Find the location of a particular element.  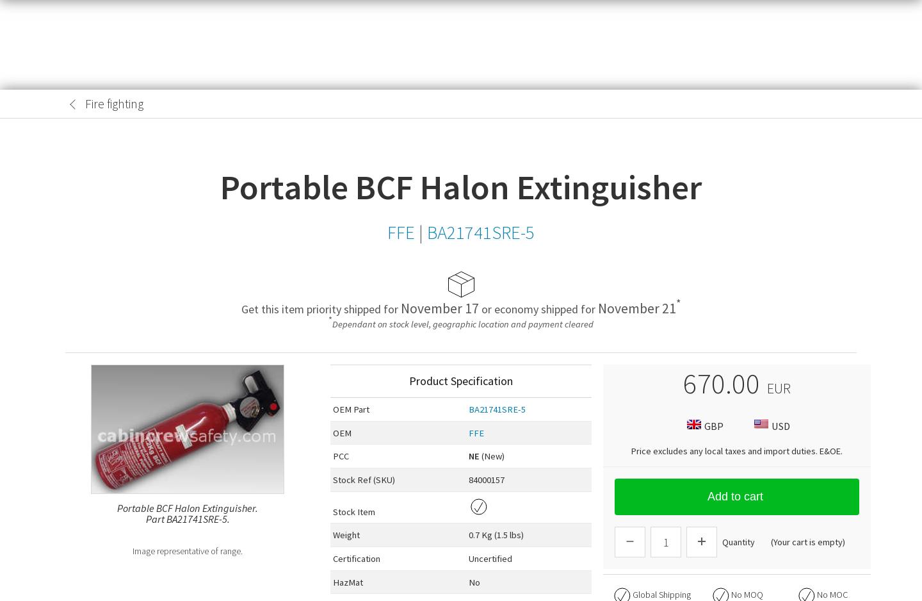

'Add to cart' is located at coordinates (734, 495).